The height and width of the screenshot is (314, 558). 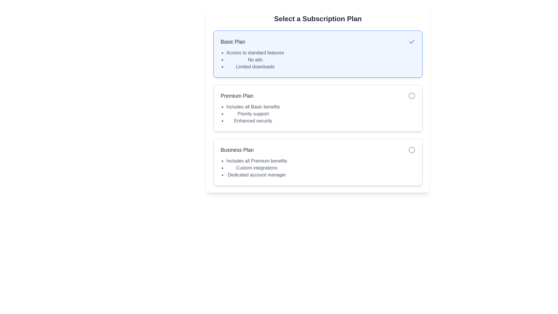 I want to click on the checkmark icon indicating that the 'Basic Plan' option is selected, so click(x=411, y=41).